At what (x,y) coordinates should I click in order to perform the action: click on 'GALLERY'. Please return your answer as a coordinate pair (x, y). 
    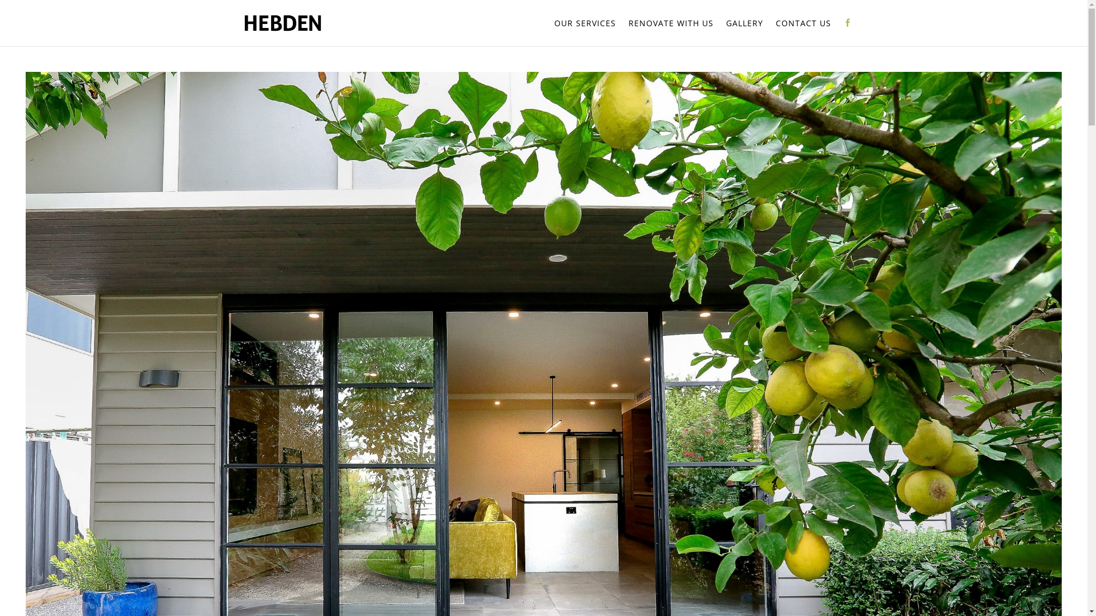
    Looking at the image, I should click on (744, 32).